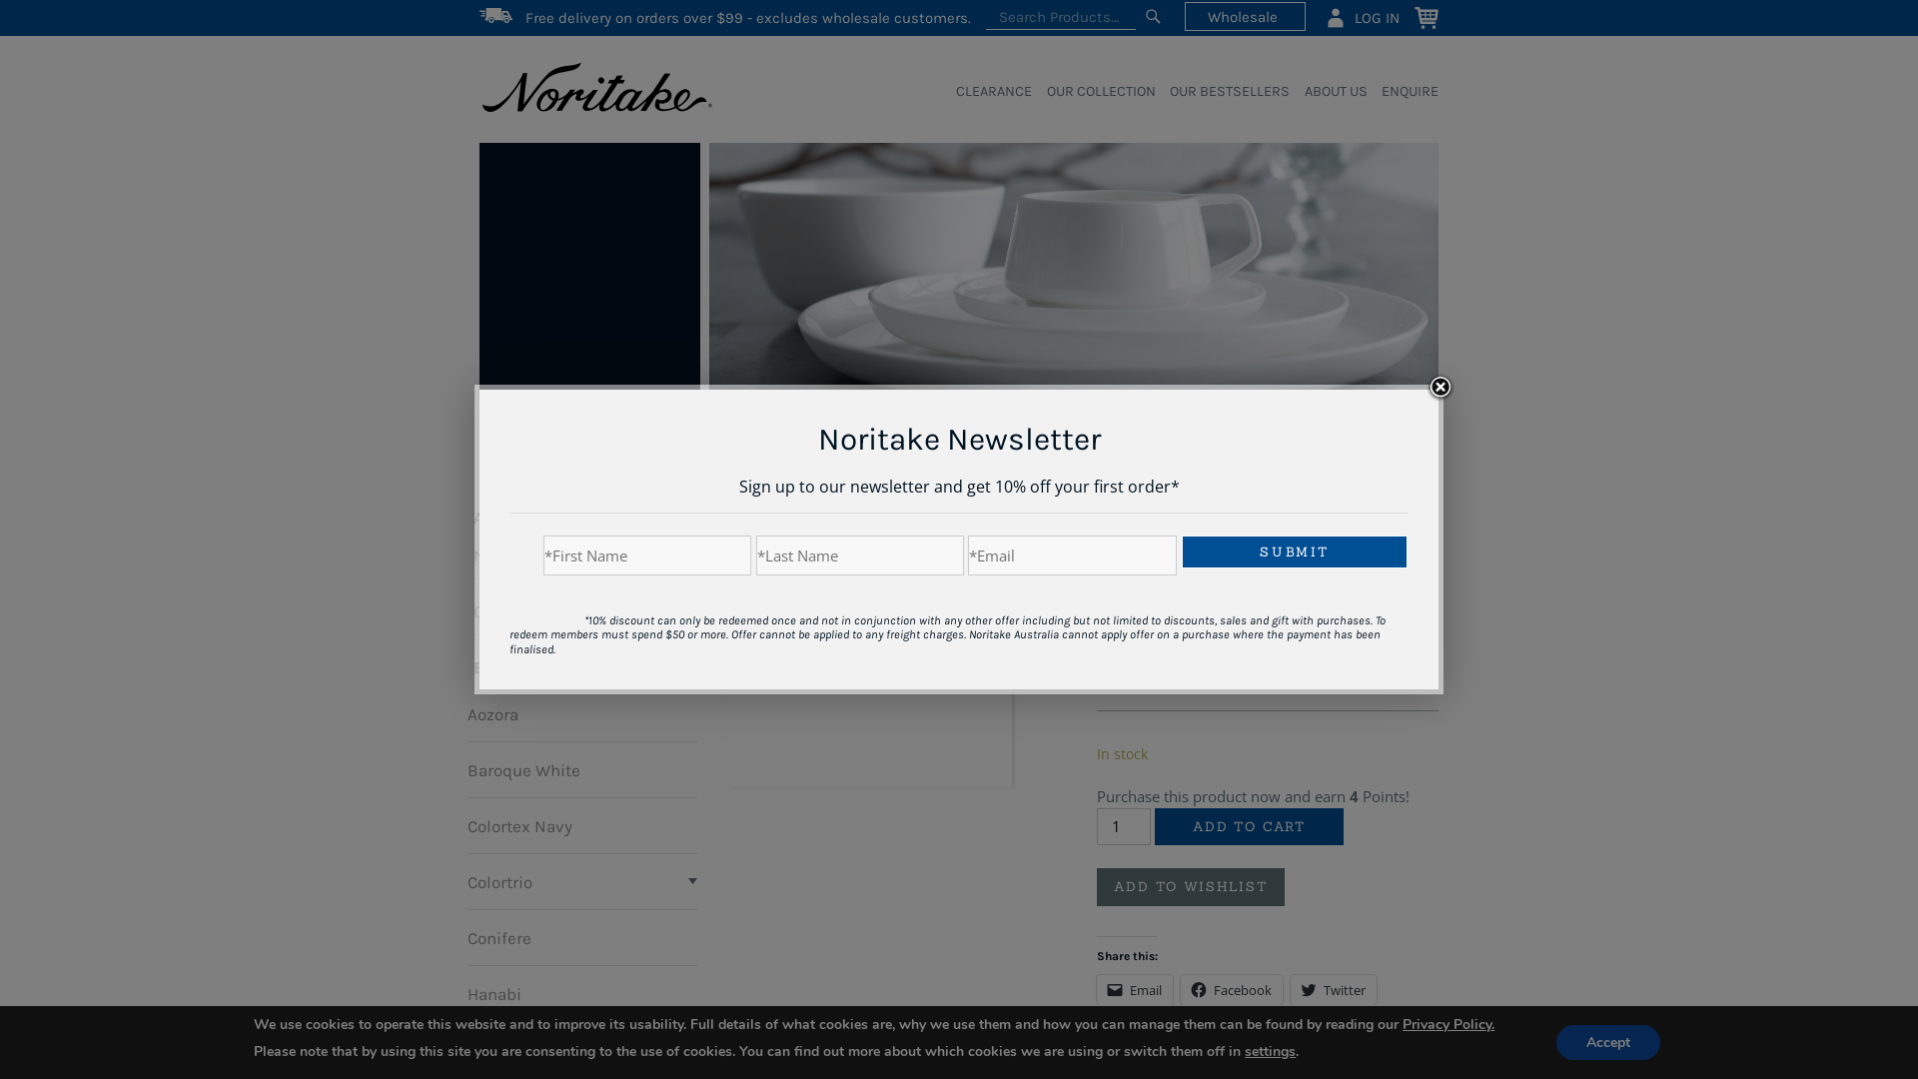 The image size is (1918, 1079). I want to click on 'Colortex Navy', so click(466, 824).